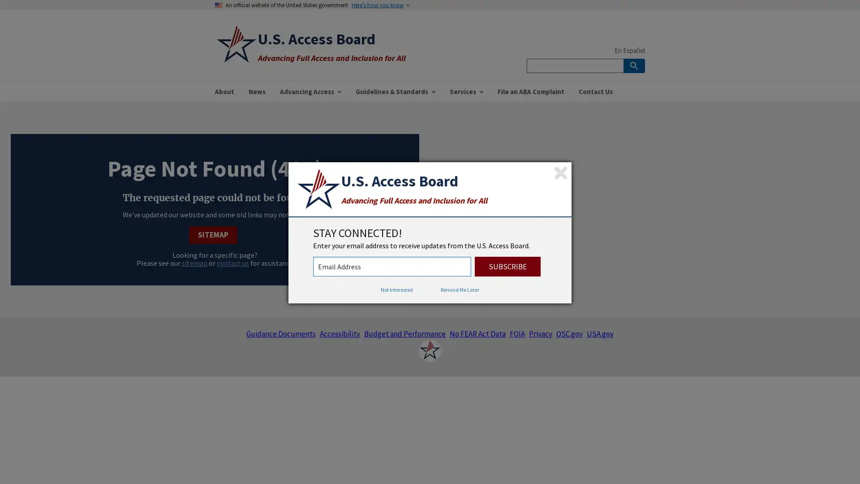  I want to click on SITEMAP, so click(212, 234).